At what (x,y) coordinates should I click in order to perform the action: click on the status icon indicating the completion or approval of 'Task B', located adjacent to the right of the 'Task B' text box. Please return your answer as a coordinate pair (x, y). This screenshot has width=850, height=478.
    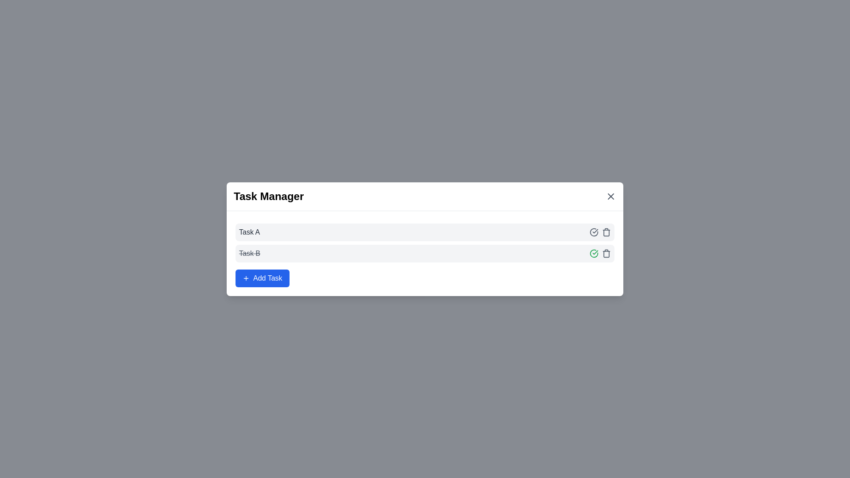
    Looking at the image, I should click on (594, 253).